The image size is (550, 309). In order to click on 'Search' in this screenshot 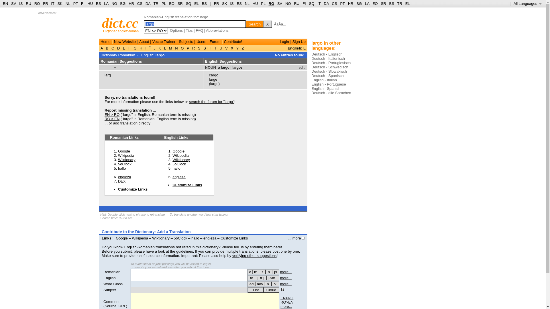, I will do `click(254, 24)`.